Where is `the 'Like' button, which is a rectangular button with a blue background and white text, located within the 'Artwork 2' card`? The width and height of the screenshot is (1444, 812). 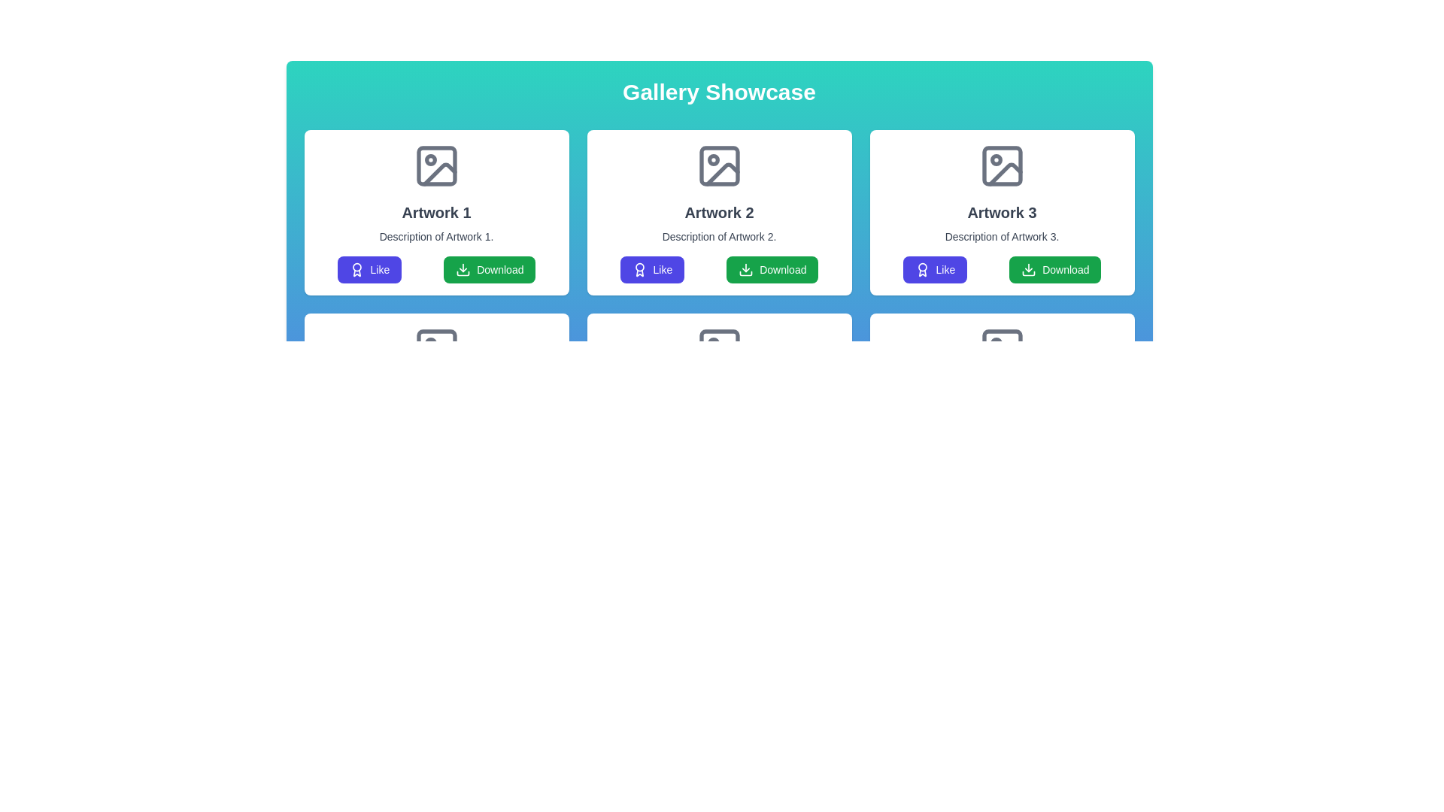
the 'Like' button, which is a rectangular button with a blue background and white text, located within the 'Artwork 2' card is located at coordinates (652, 268).